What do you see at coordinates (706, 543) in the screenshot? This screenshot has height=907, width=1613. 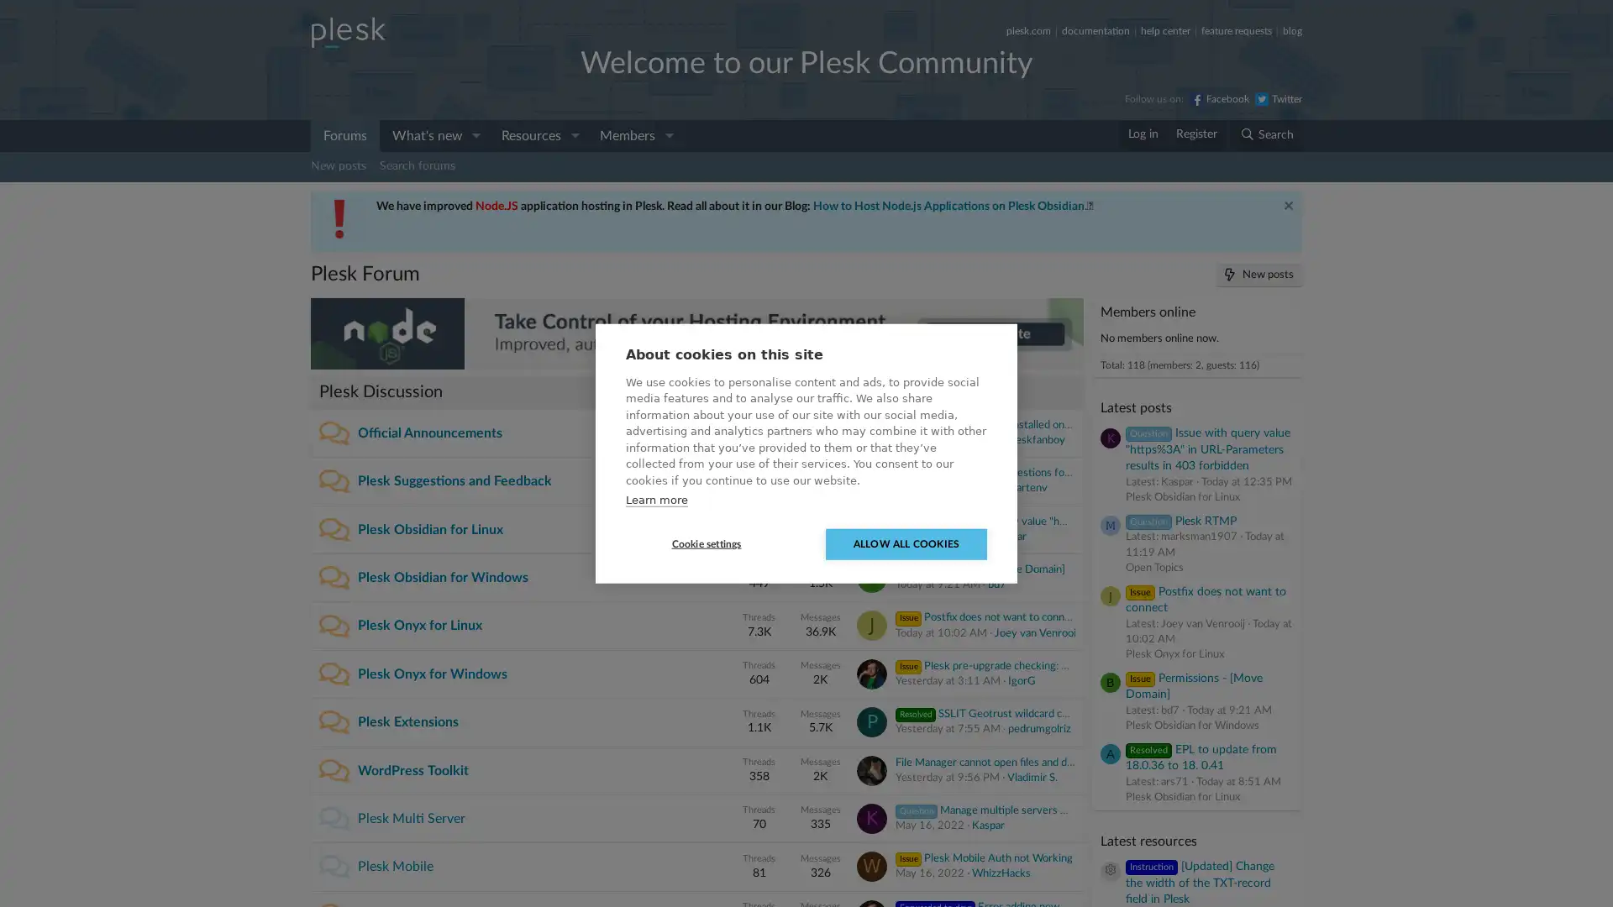 I see `Cookie settings` at bounding box center [706, 543].